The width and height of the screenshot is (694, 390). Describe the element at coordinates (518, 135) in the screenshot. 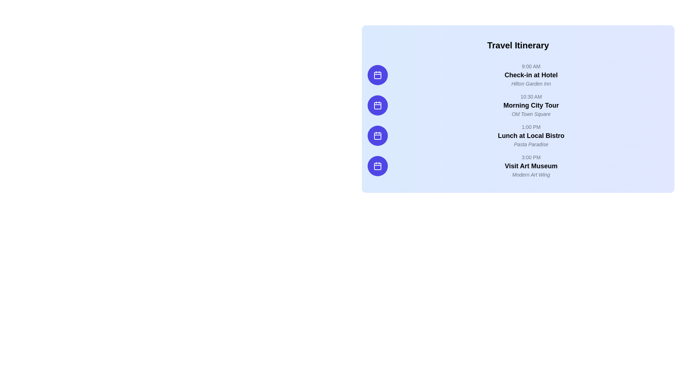

I see `the 'Lunch at Local Bistro' event in the third entry of the vertical timeline list, which includes a purple circular icon with a calendar symbol and additional text information` at that location.